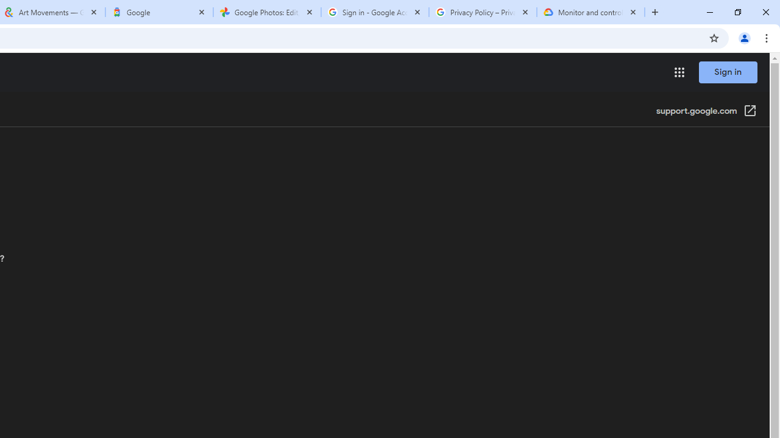 This screenshot has height=438, width=780. I want to click on 'Sign in - Google Accounts', so click(374, 12).